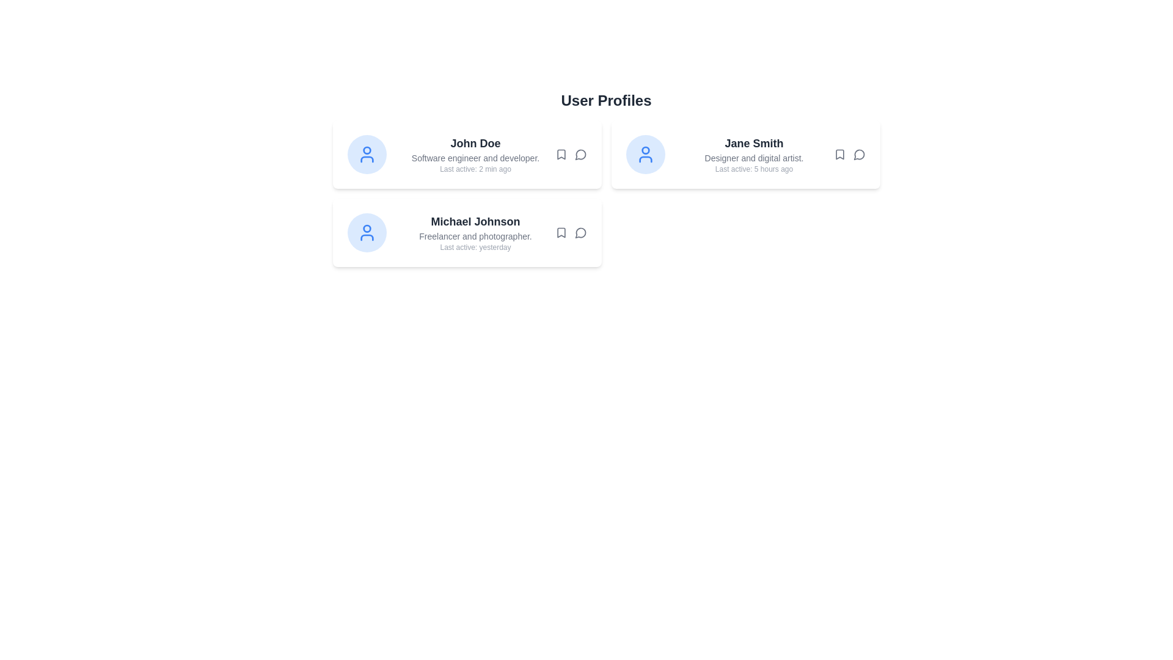  What do you see at coordinates (366, 150) in the screenshot?
I see `the graphical indicator within the user profile icon, which indicates a notification or status, located in the first card of the top row` at bounding box center [366, 150].